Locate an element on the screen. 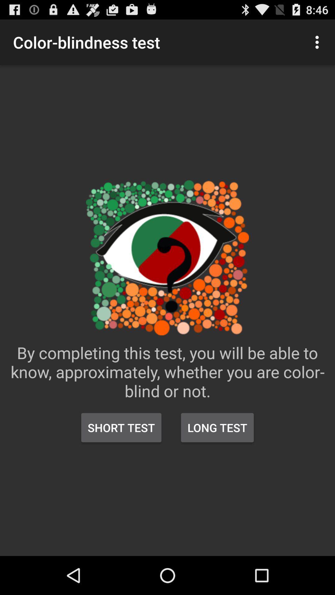 Image resolution: width=335 pixels, height=595 pixels. button to the left of the long test is located at coordinates (121, 427).